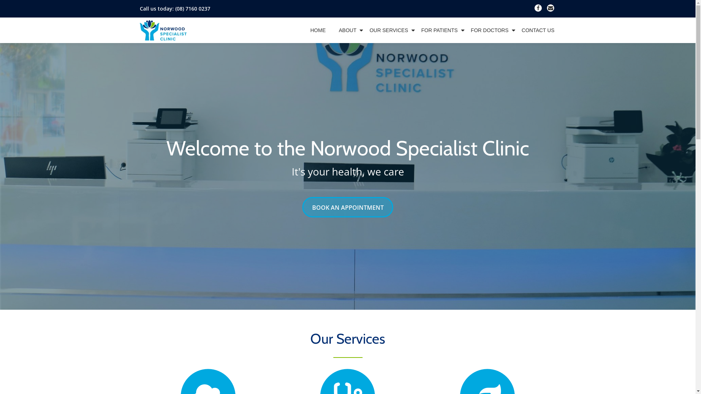 The width and height of the screenshot is (701, 394). What do you see at coordinates (193, 8) in the screenshot?
I see `'(08) 7160 0237'` at bounding box center [193, 8].